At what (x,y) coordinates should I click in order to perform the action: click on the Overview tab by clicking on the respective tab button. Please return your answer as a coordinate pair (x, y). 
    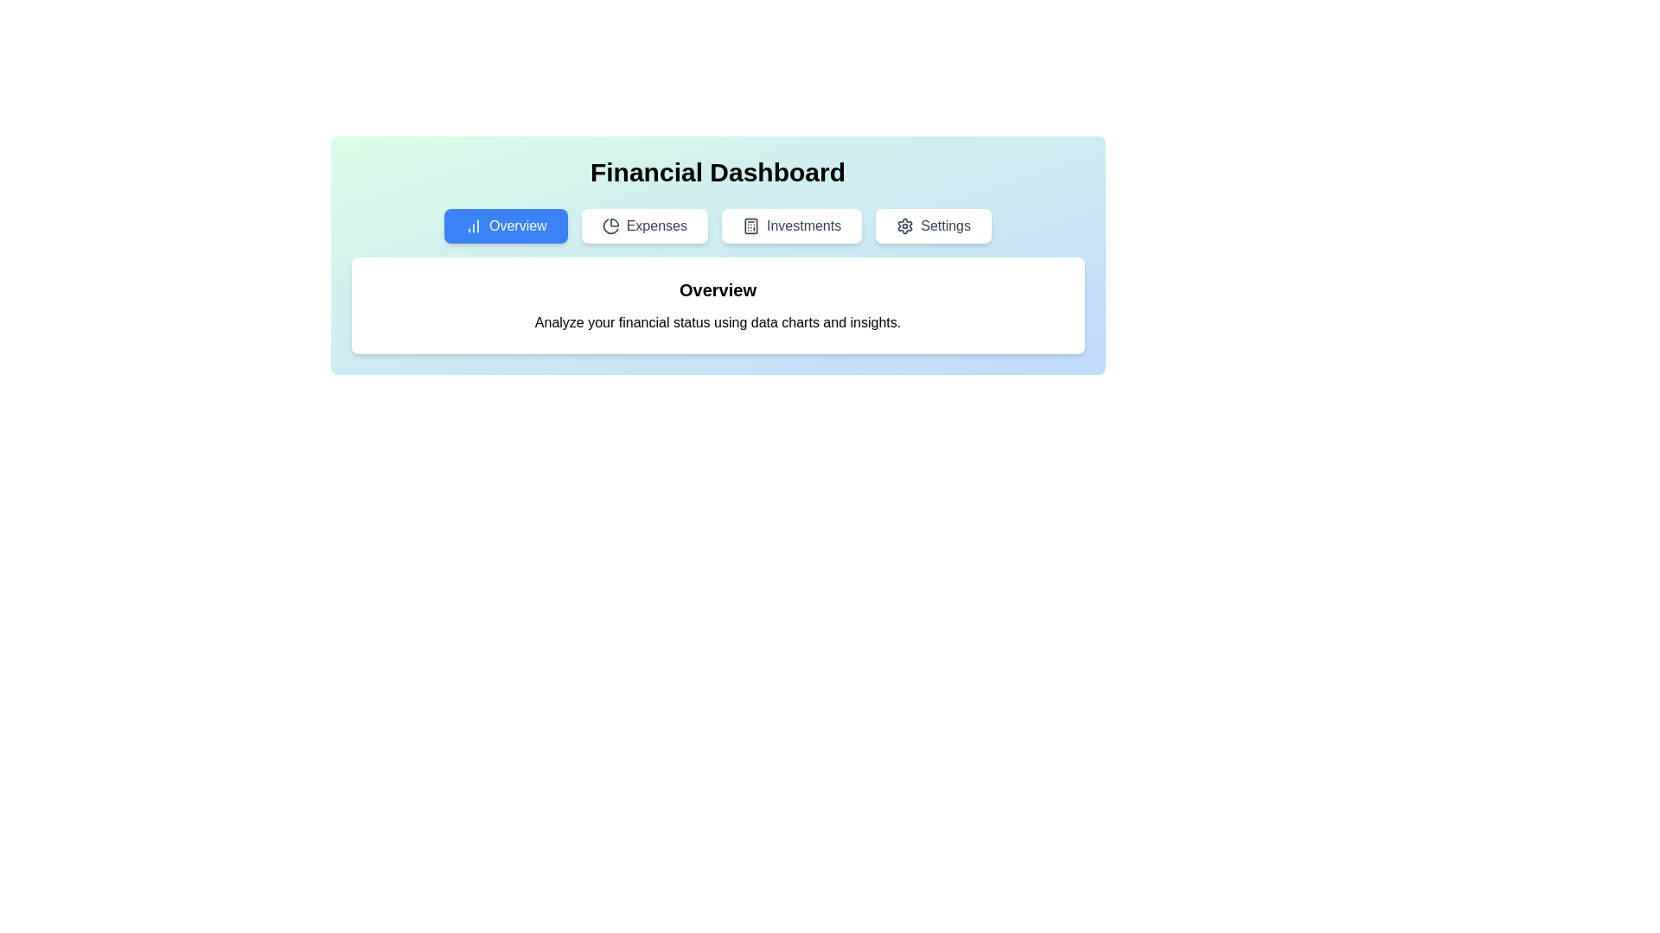
    Looking at the image, I should click on (505, 225).